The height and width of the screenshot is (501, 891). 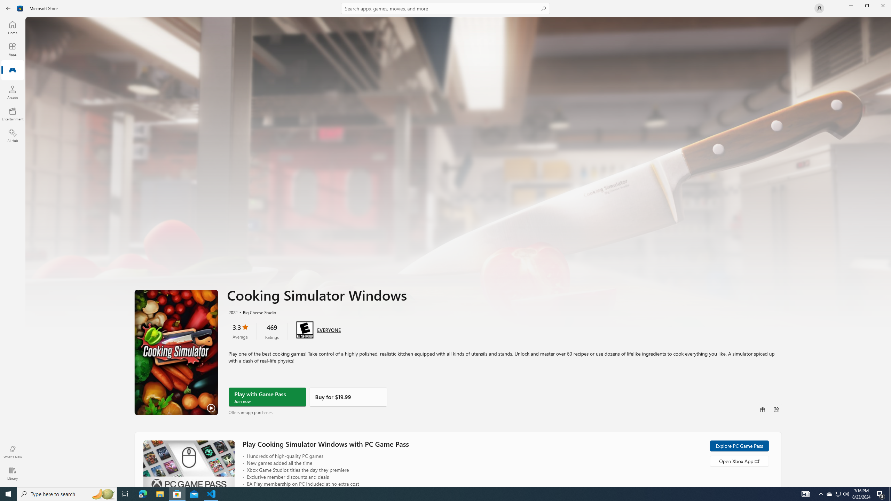 What do you see at coordinates (739, 461) in the screenshot?
I see `'Open Xbox App'` at bounding box center [739, 461].